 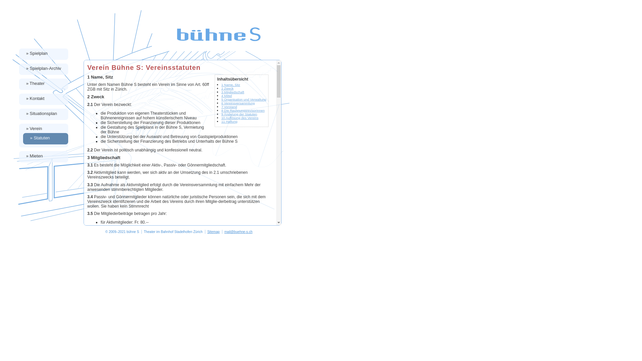 What do you see at coordinates (243, 99) in the screenshot?
I see `'5 Organisation und Verwaltung'` at bounding box center [243, 99].